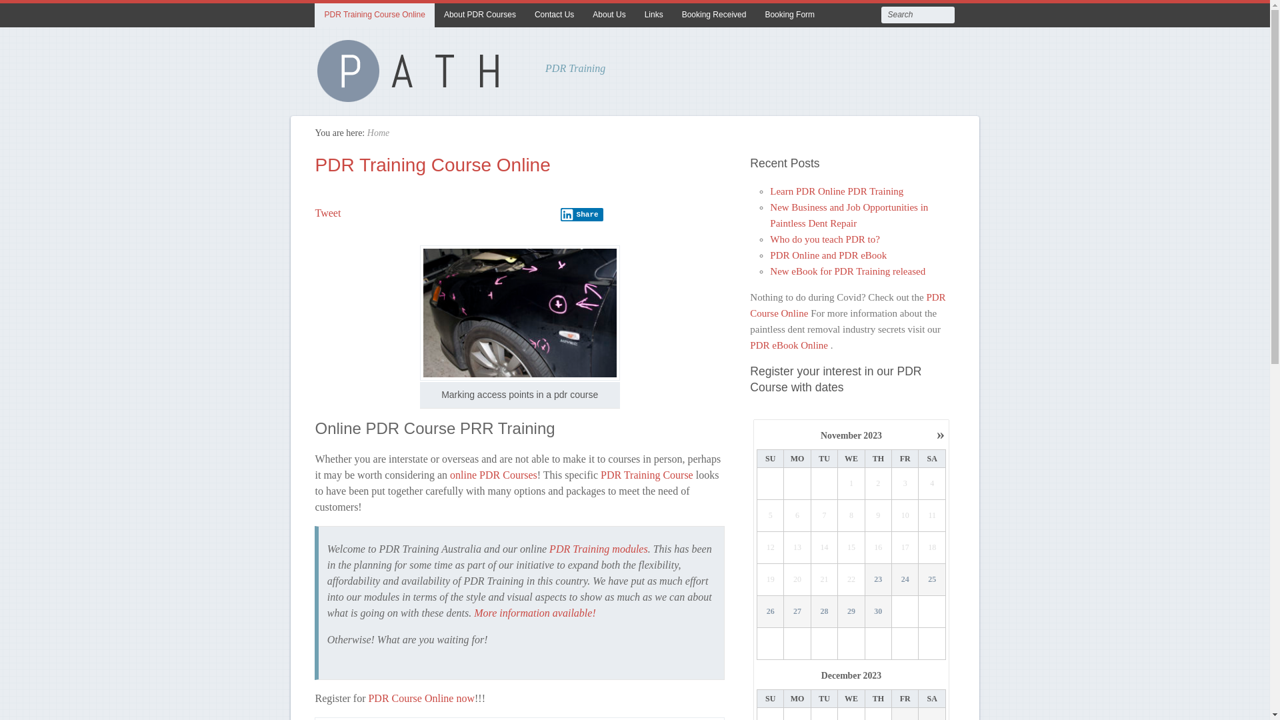 The width and height of the screenshot is (1280, 720). What do you see at coordinates (582, 213) in the screenshot?
I see `'Share'` at bounding box center [582, 213].